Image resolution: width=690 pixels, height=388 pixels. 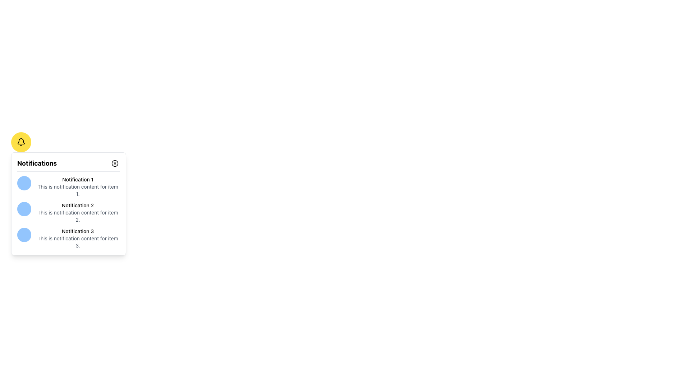 What do you see at coordinates (69, 238) in the screenshot?
I see `the third notification entry in the vertical list within the notification panel` at bounding box center [69, 238].